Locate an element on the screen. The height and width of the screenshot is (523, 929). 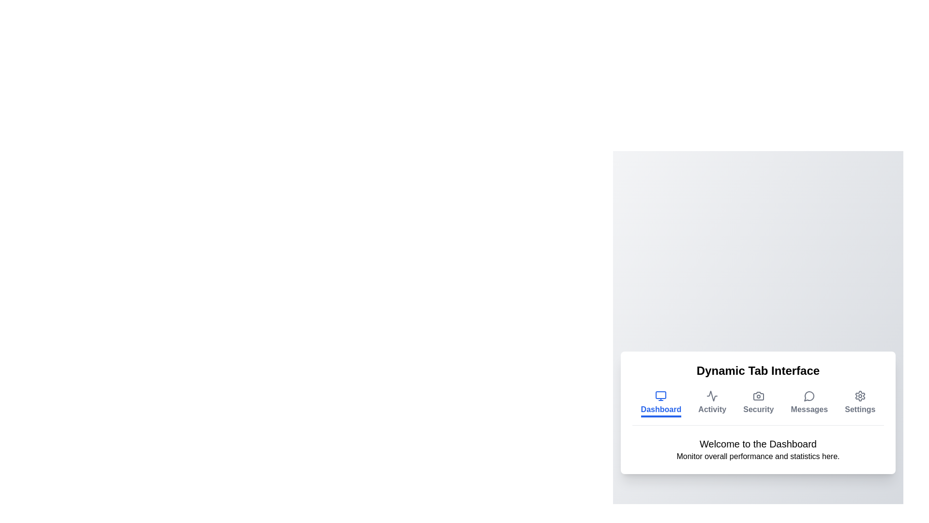
the 'Activity' navigation tab, which features a heartbeat icon above the text and changes color on hover is located at coordinates (712, 403).